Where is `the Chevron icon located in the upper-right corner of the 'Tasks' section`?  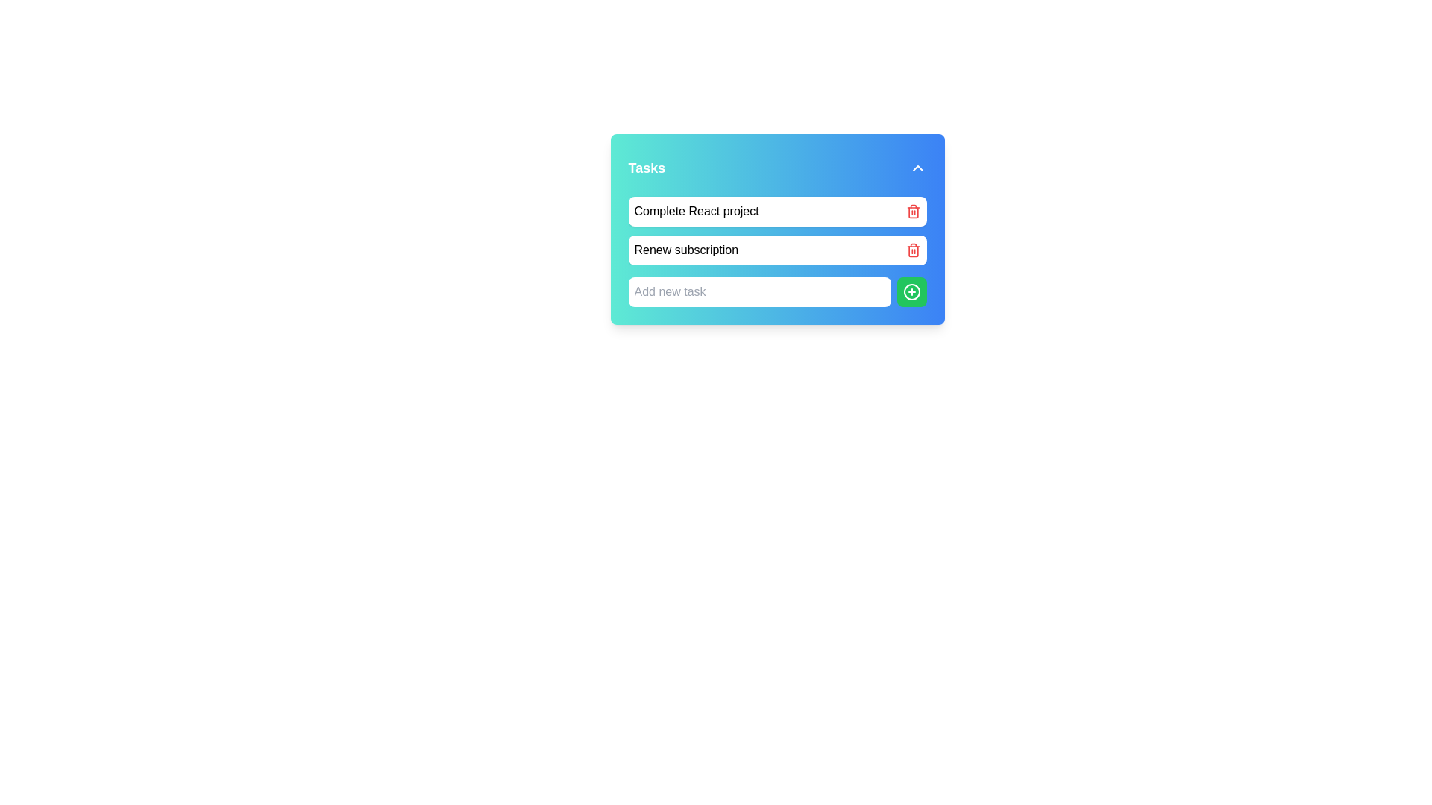 the Chevron icon located in the upper-right corner of the 'Tasks' section is located at coordinates (917, 168).